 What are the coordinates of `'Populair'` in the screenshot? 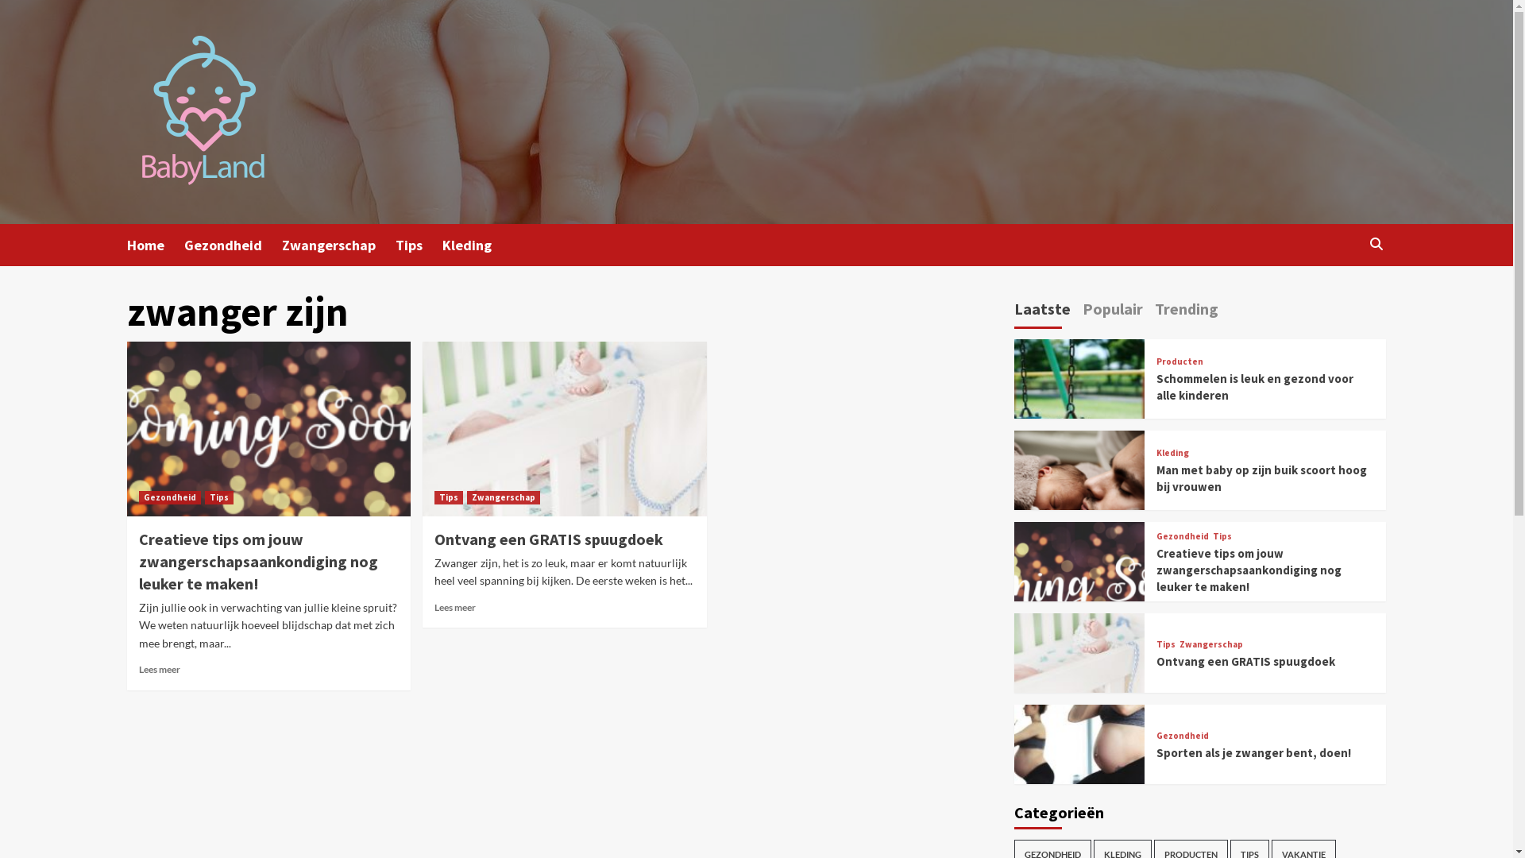 It's located at (1112, 311).